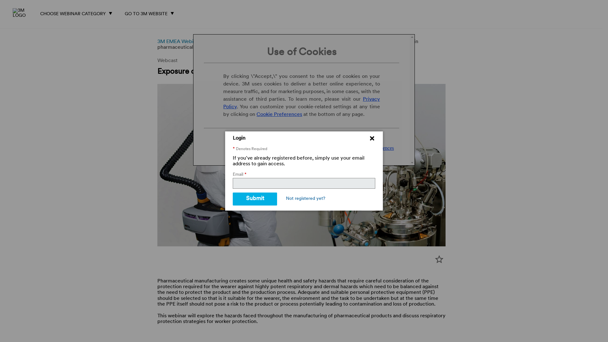 This screenshot has width=608, height=342. What do you see at coordinates (279, 115) in the screenshot?
I see `'Cookie Preferences'` at bounding box center [279, 115].